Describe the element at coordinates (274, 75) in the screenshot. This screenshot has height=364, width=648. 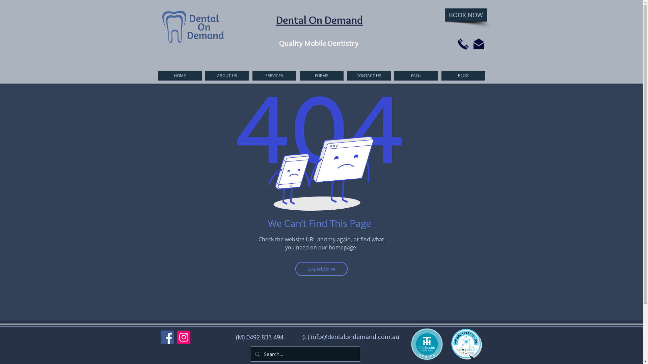
I see `'SERVICES'` at that location.